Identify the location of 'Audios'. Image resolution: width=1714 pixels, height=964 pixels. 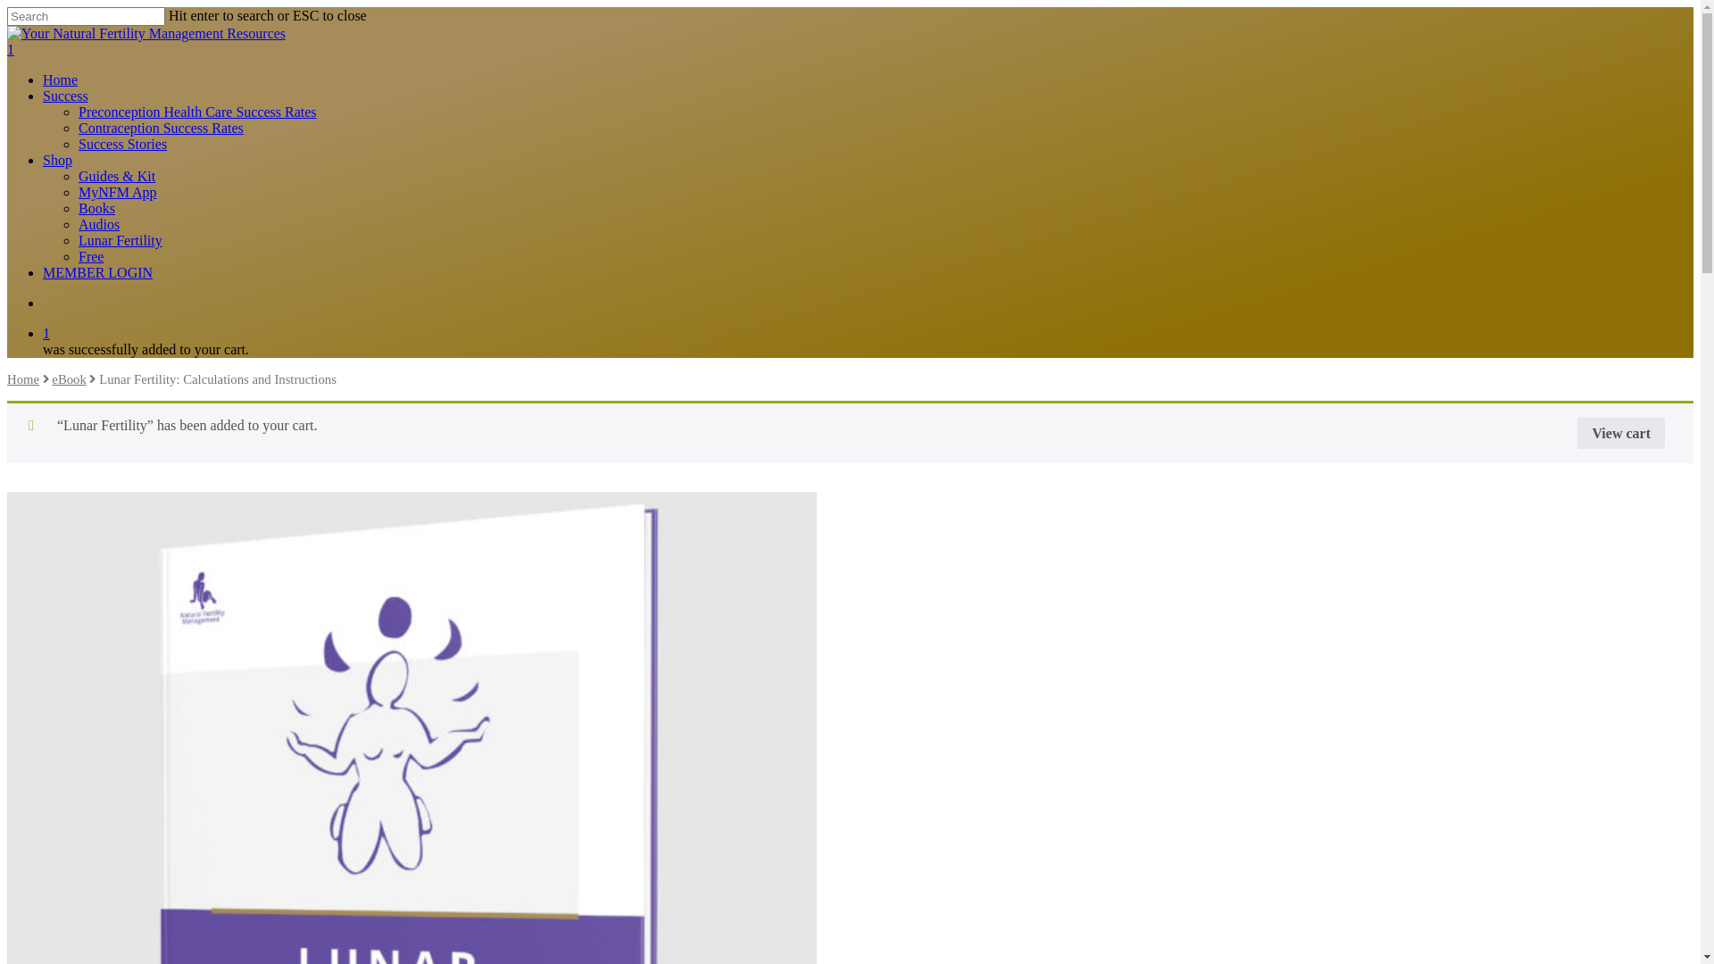
(97, 223).